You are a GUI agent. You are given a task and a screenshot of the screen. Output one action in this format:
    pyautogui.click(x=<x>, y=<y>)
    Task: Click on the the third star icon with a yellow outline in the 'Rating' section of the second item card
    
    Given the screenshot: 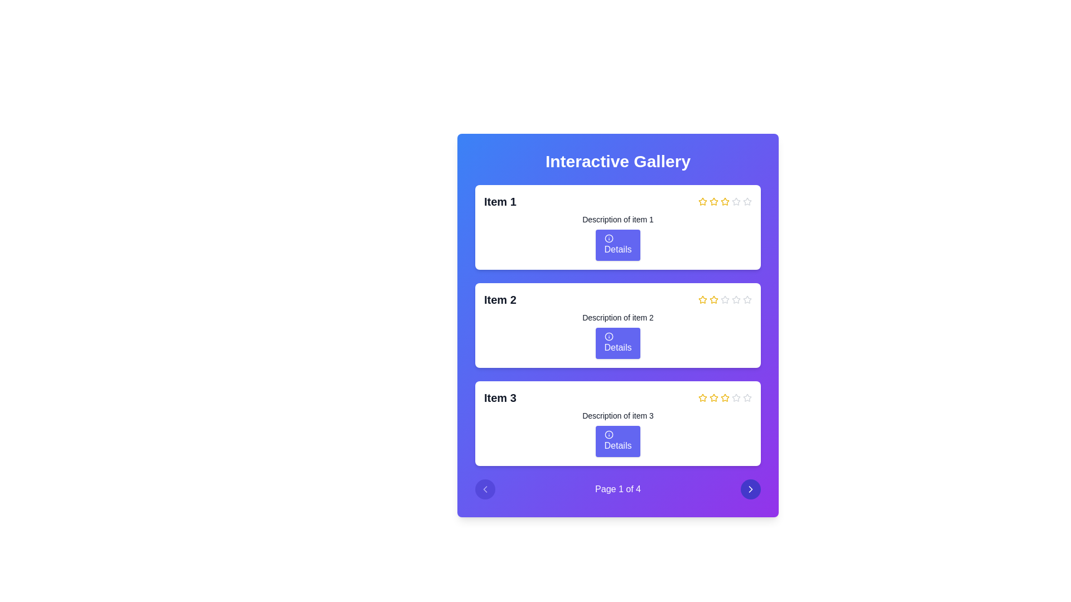 What is the action you would take?
    pyautogui.click(x=714, y=299)
    